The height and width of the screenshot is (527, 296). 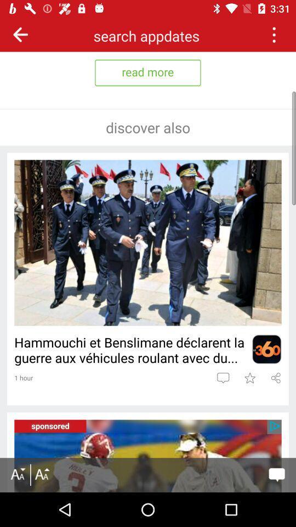 What do you see at coordinates (223, 378) in the screenshot?
I see `the chat icon` at bounding box center [223, 378].